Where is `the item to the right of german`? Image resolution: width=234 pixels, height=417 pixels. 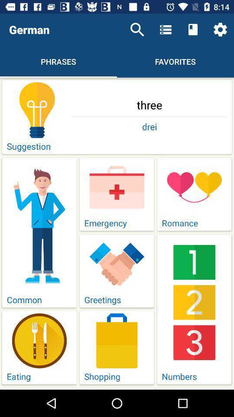
the item to the right of german is located at coordinates (137, 30).